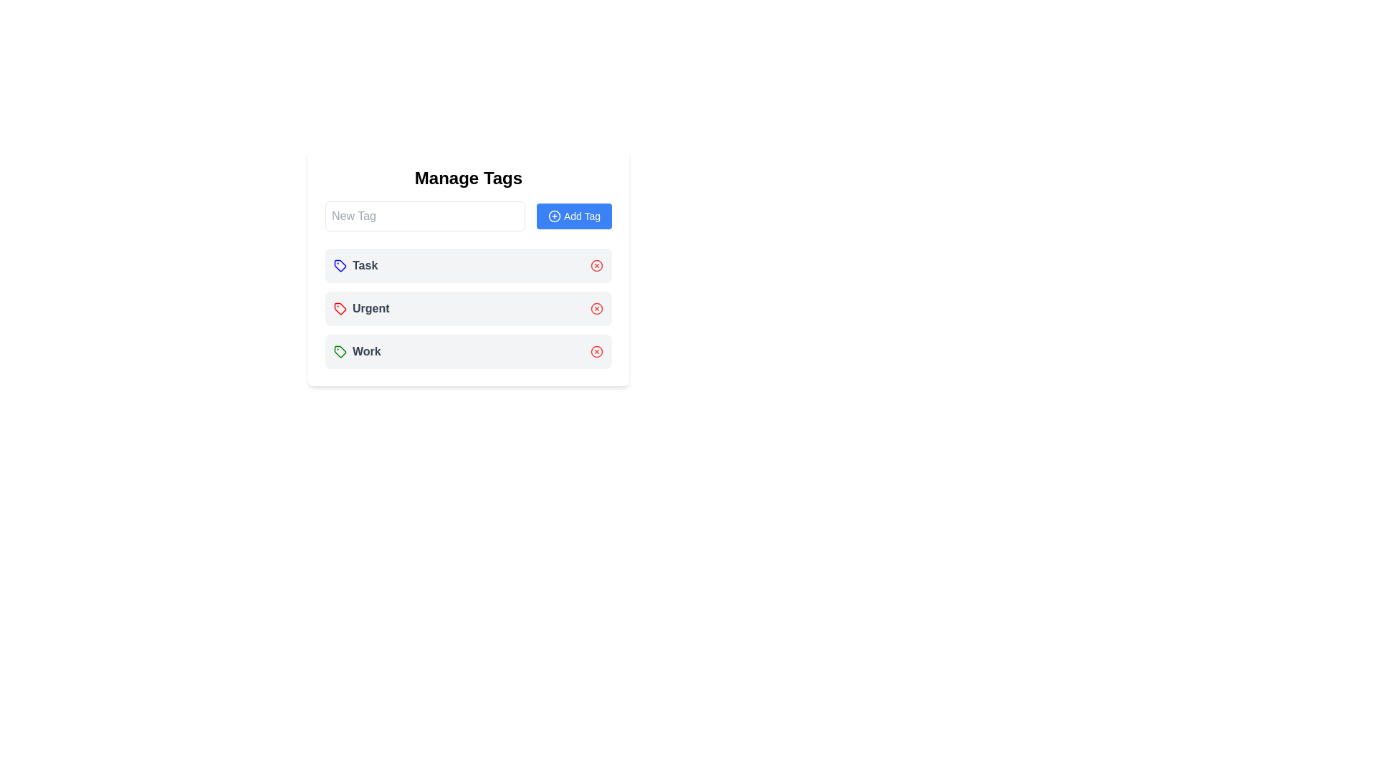  What do you see at coordinates (340, 351) in the screenshot?
I see `the price tag icon in the 'Manage Tags' section, which features green strokes and a rounded polygonal outline, located next to the 'Task' label` at bounding box center [340, 351].